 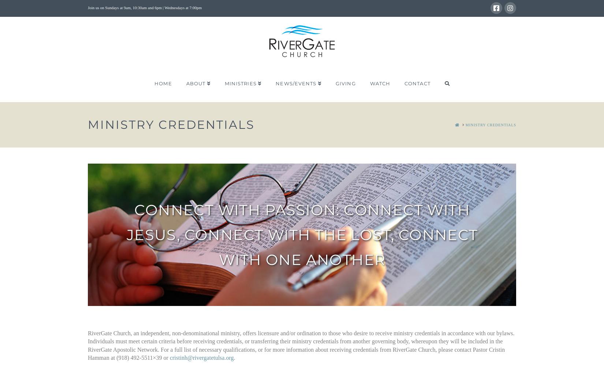 What do you see at coordinates (345, 83) in the screenshot?
I see `'Giving'` at bounding box center [345, 83].